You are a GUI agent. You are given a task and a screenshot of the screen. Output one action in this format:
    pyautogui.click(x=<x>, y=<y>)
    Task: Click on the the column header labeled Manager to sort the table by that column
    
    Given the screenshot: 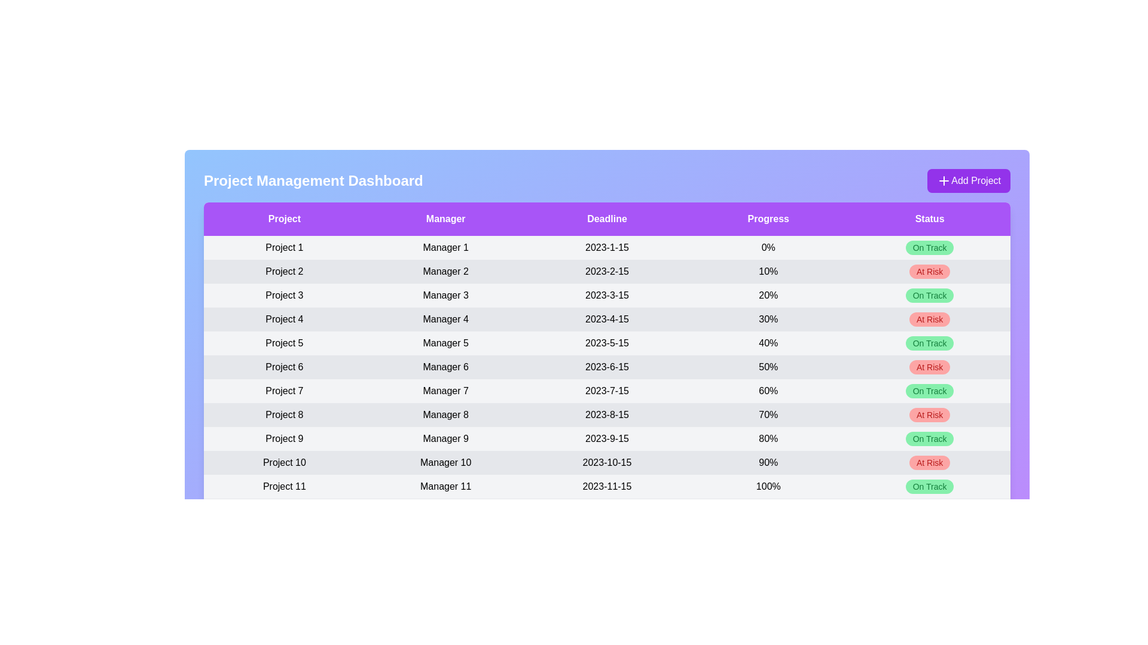 What is the action you would take?
    pyautogui.click(x=445, y=219)
    